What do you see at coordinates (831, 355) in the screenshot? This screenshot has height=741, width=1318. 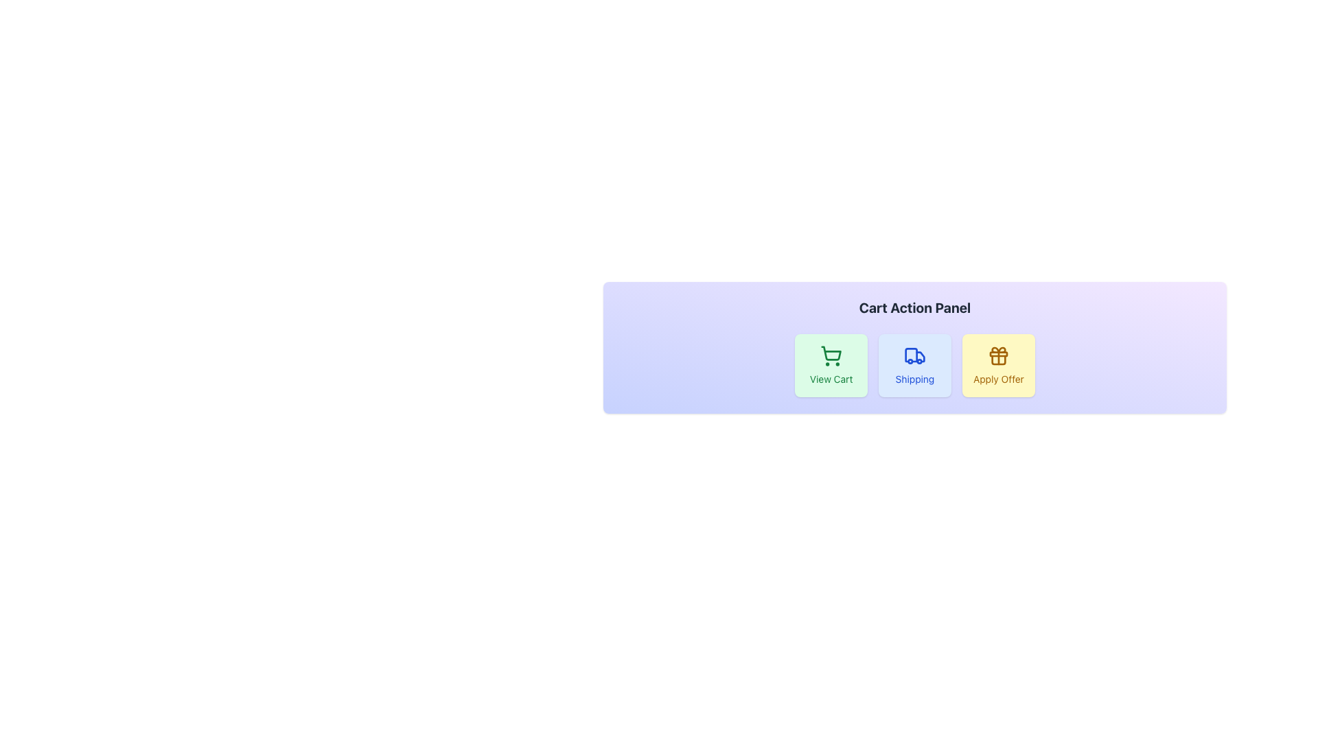 I see `the shopping cart icon located within the 'View Cart' button, which is the leftmost button in the 'Cart Action Panel'` at bounding box center [831, 355].